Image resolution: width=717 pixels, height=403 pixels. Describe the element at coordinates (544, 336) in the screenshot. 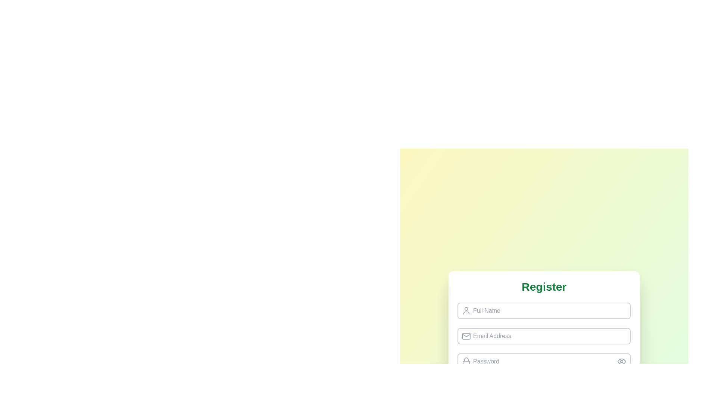

I see `to focus on the email input field located in the second position of a vertically stacked sequence within a registration form, following the 'Full Name' input and preceding the 'Password' input` at that location.